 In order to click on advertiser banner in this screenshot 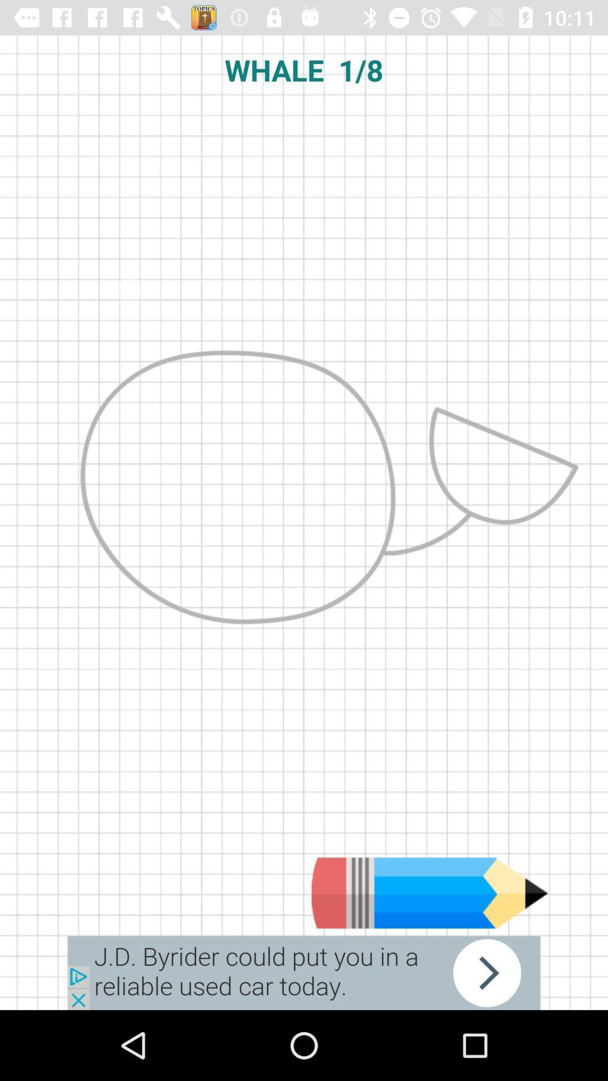, I will do `click(304, 972)`.